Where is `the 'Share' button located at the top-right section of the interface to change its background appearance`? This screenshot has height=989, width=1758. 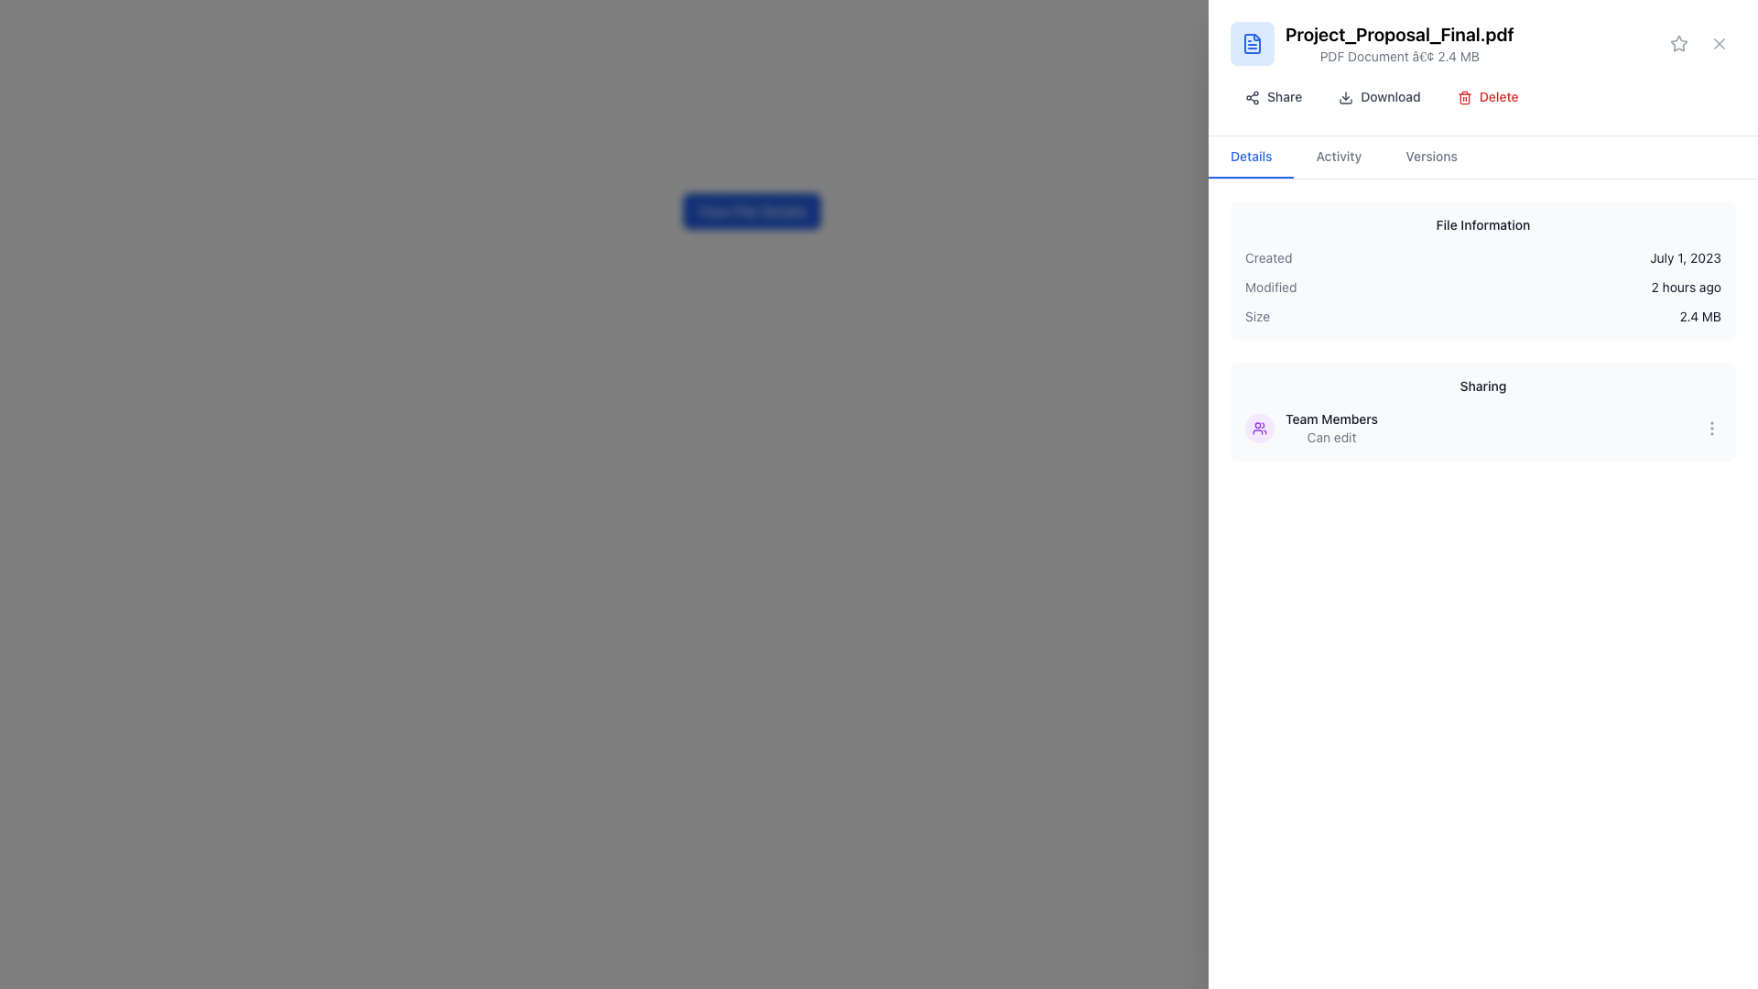
the 'Share' button located at the top-right section of the interface to change its background appearance is located at coordinates (1273, 96).